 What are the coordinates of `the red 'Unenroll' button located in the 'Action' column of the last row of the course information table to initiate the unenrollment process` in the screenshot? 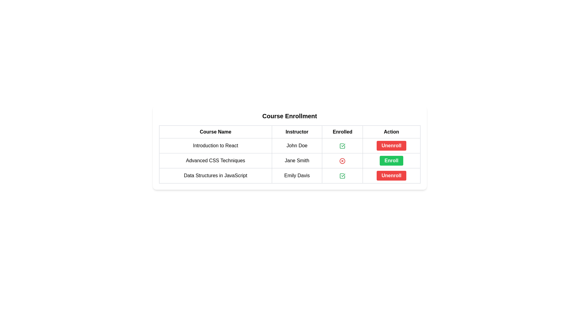 It's located at (391, 176).